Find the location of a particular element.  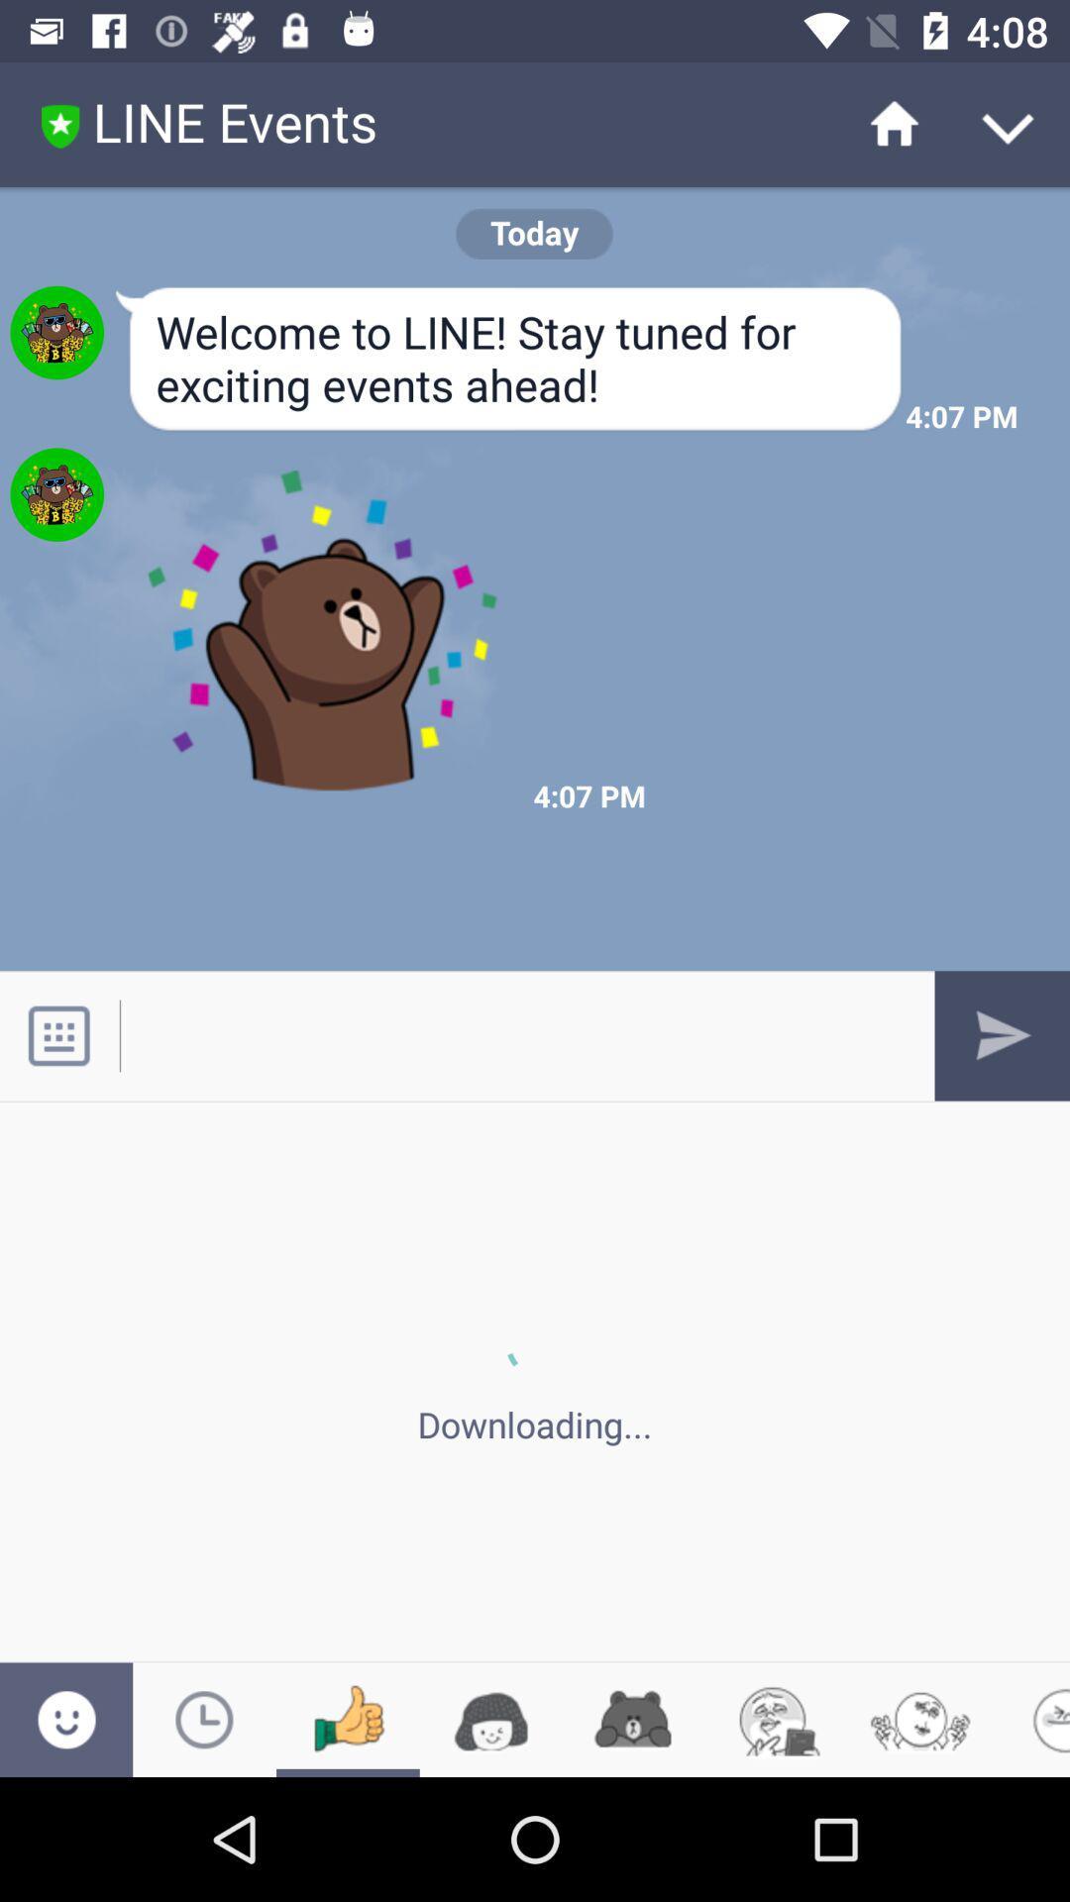

the chat icon is located at coordinates (490, 1719).